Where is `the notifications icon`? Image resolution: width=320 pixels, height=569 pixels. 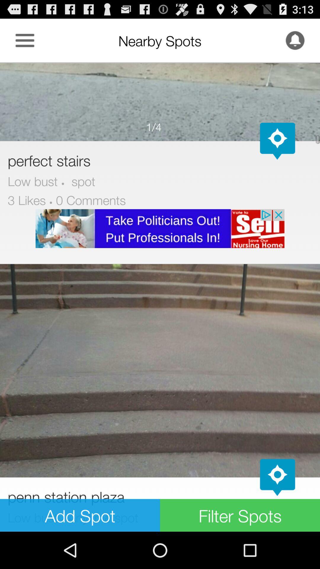
the notifications icon is located at coordinates (295, 43).